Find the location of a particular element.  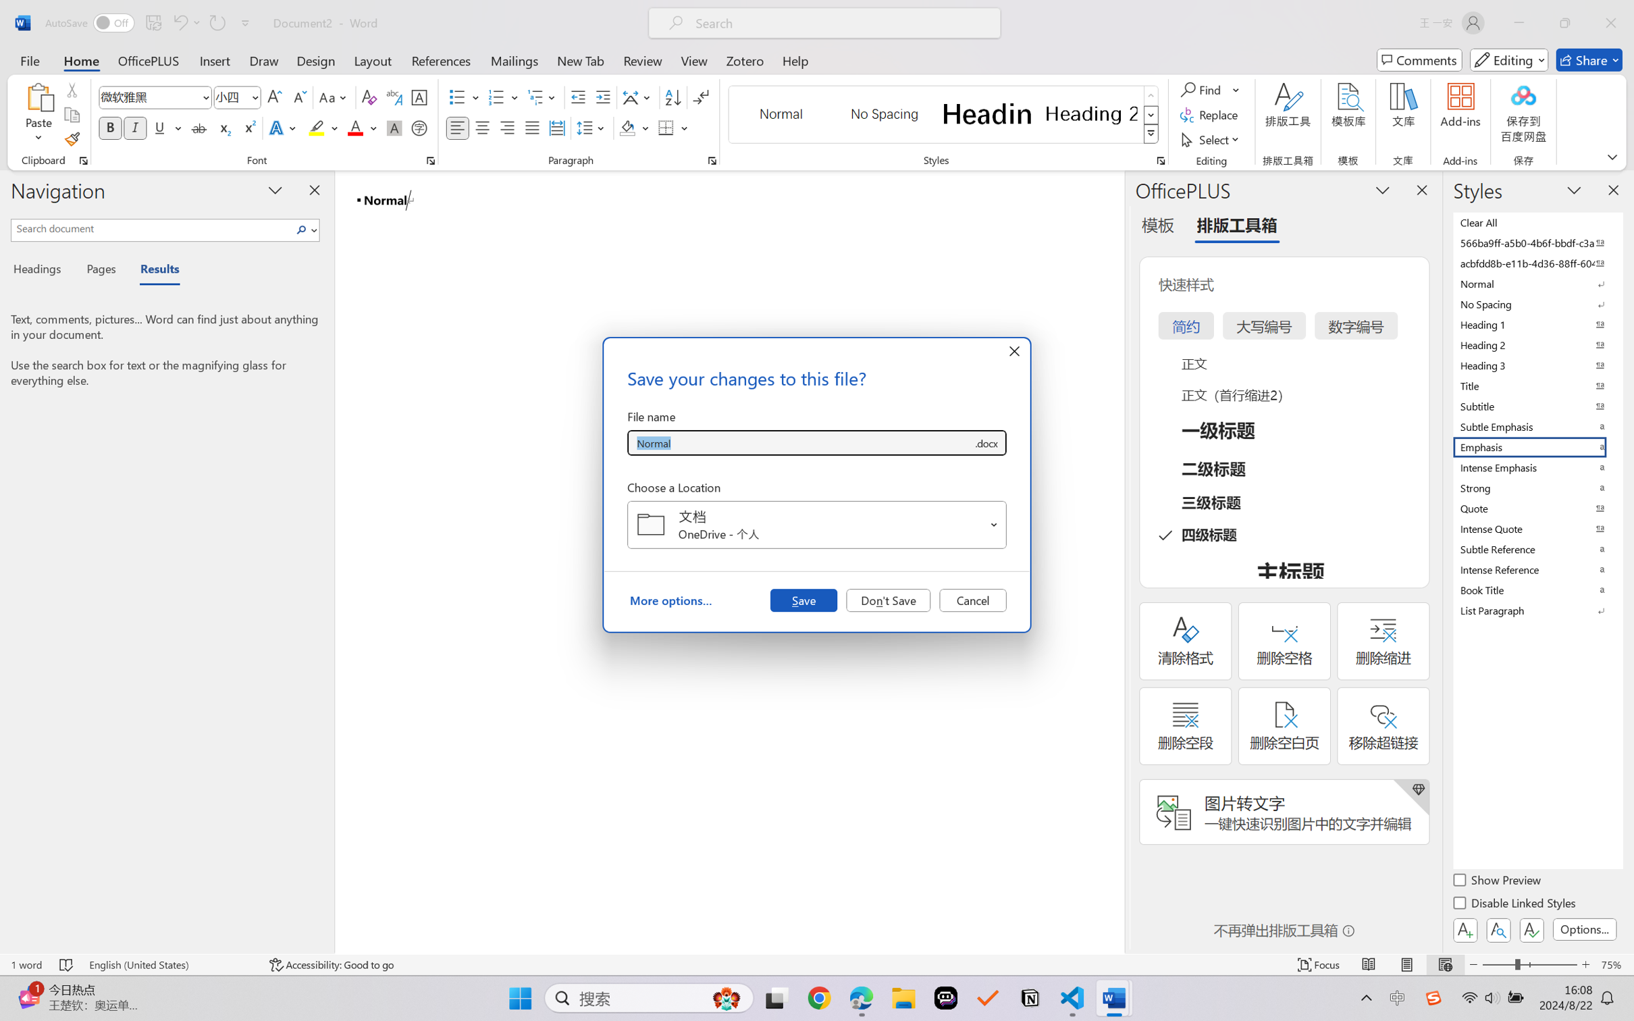

'Increase Indent' is located at coordinates (602, 97).